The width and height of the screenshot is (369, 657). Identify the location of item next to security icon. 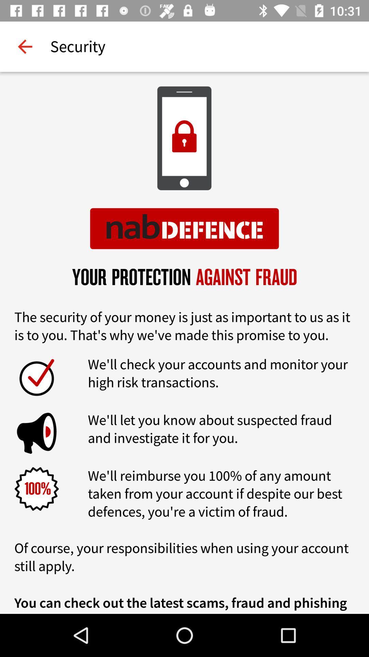
(25, 46).